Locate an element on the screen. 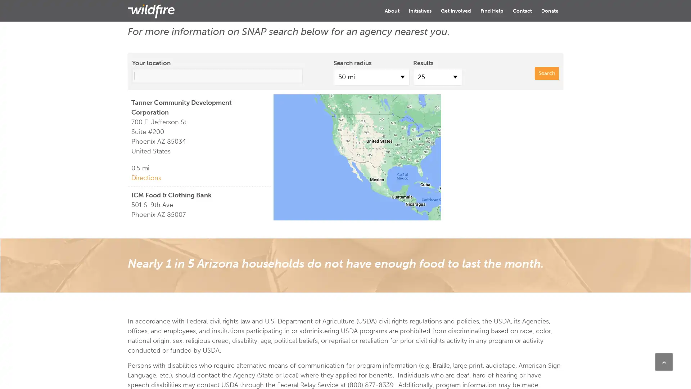 Image resolution: width=691 pixels, height=389 pixels. Foothills Village Public Housing is located at coordinates (412, 171).